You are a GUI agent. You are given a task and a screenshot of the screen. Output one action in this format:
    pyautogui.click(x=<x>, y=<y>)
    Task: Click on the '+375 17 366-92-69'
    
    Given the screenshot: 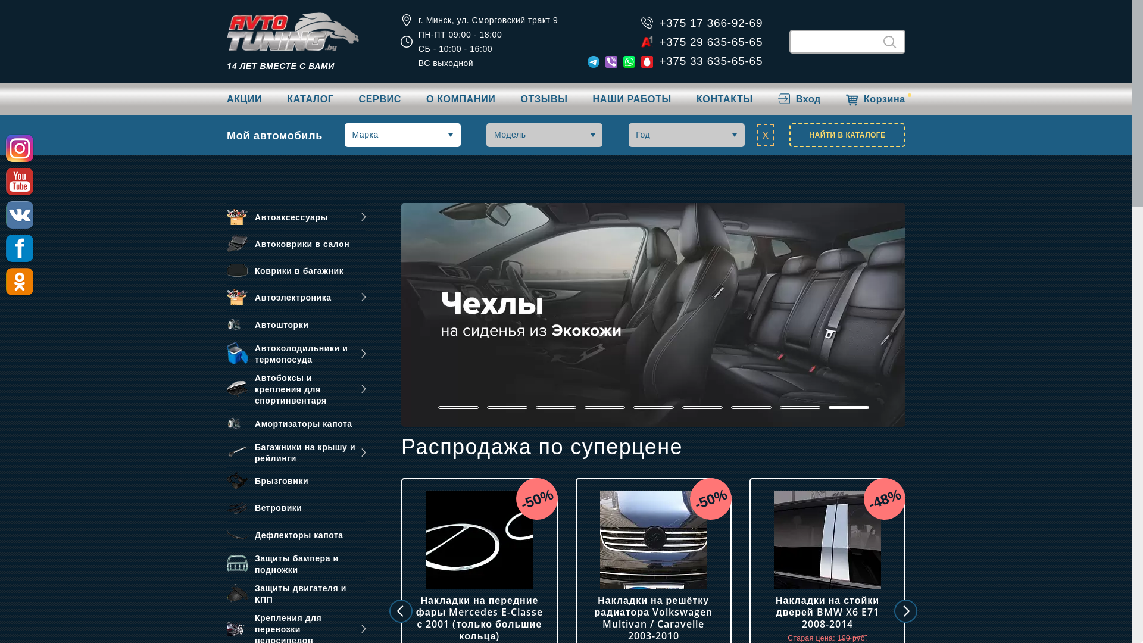 What is the action you would take?
    pyautogui.click(x=711, y=23)
    